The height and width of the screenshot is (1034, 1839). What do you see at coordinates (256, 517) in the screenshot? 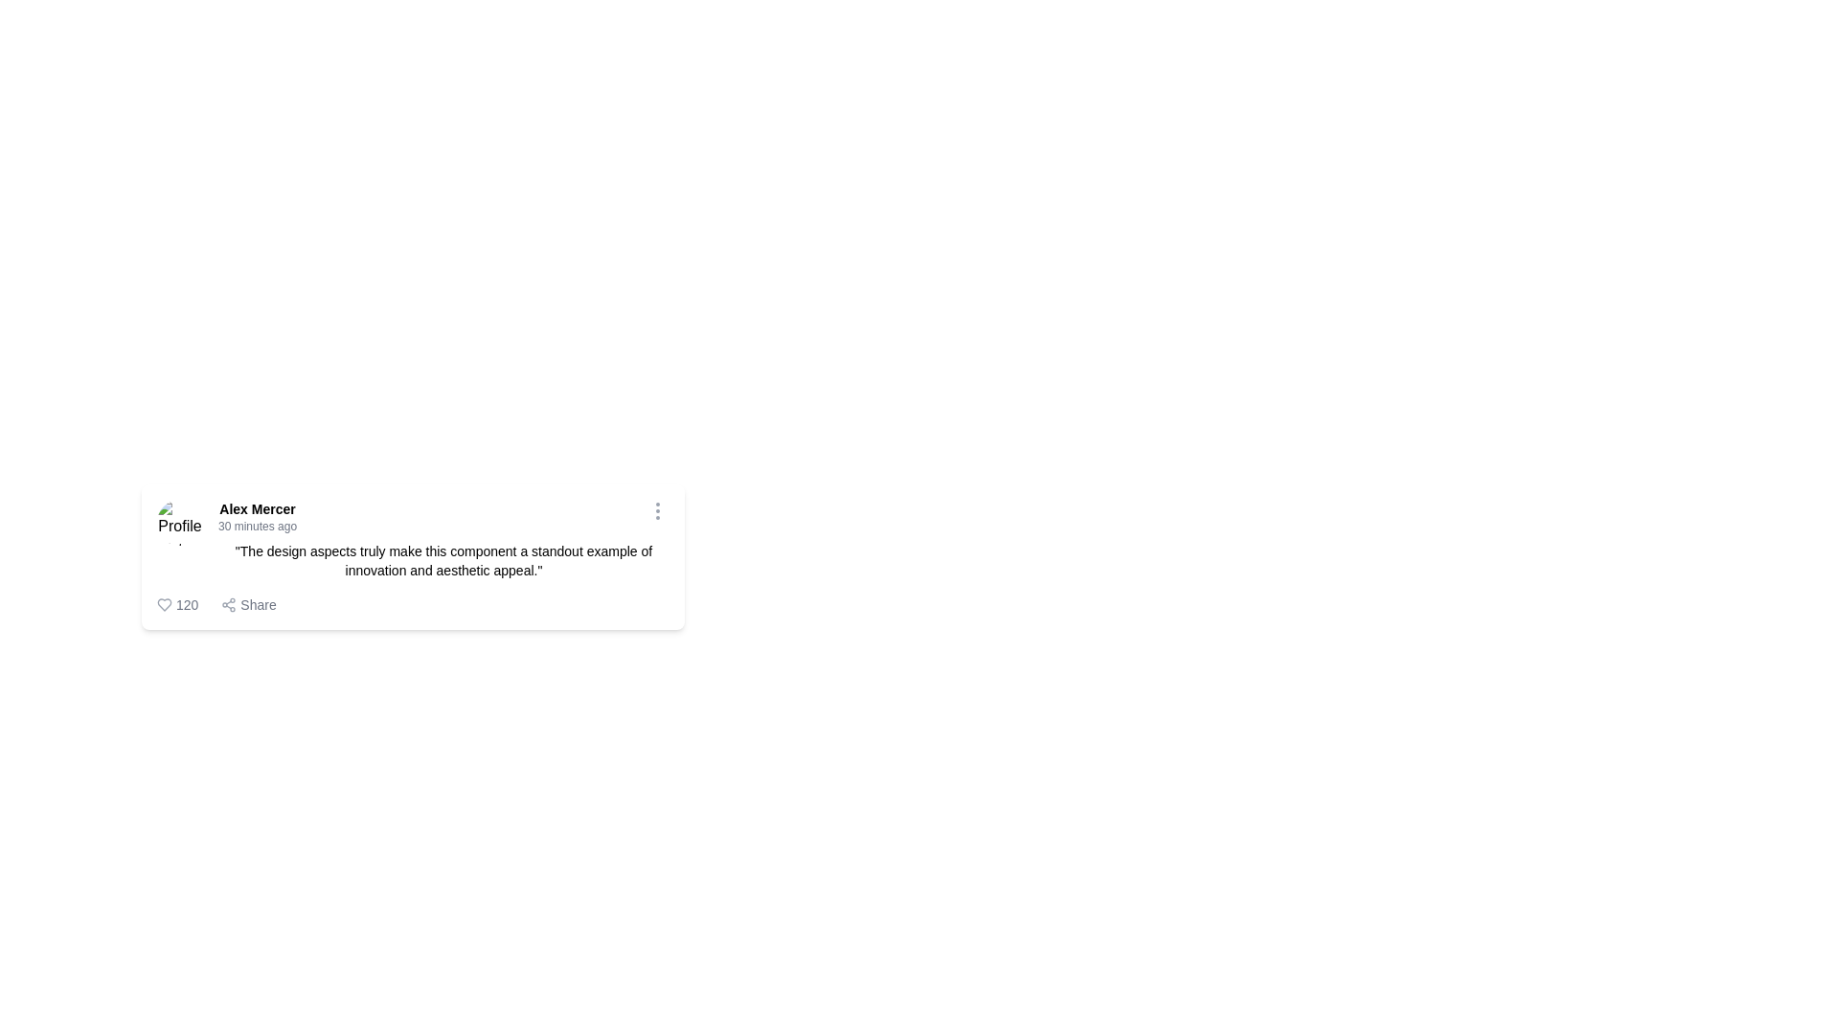
I see `the bold user name in the upper-left section of the content card` at bounding box center [256, 517].